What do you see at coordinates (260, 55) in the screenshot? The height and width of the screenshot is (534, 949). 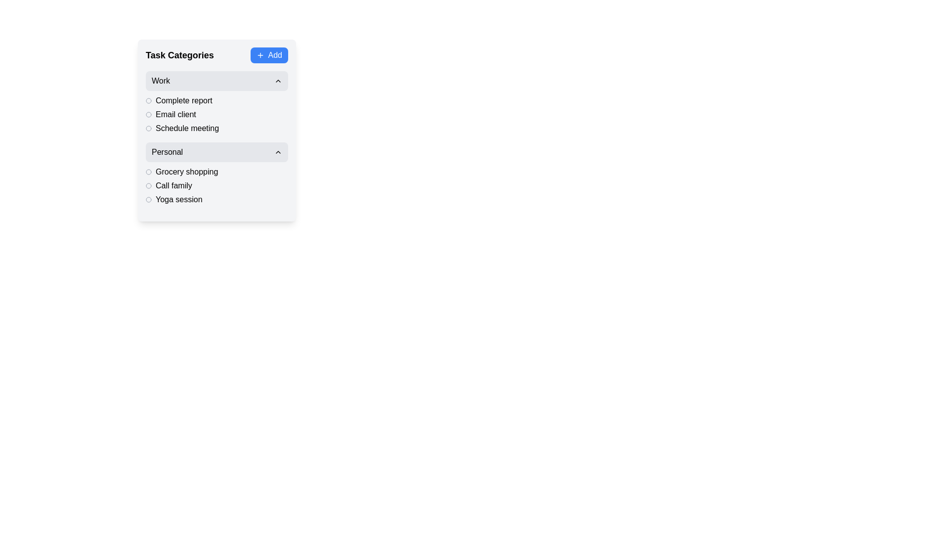 I see `the plus sign icon on the blue 'Add' button located in the top-right corner of the 'Task Categories' panel` at bounding box center [260, 55].